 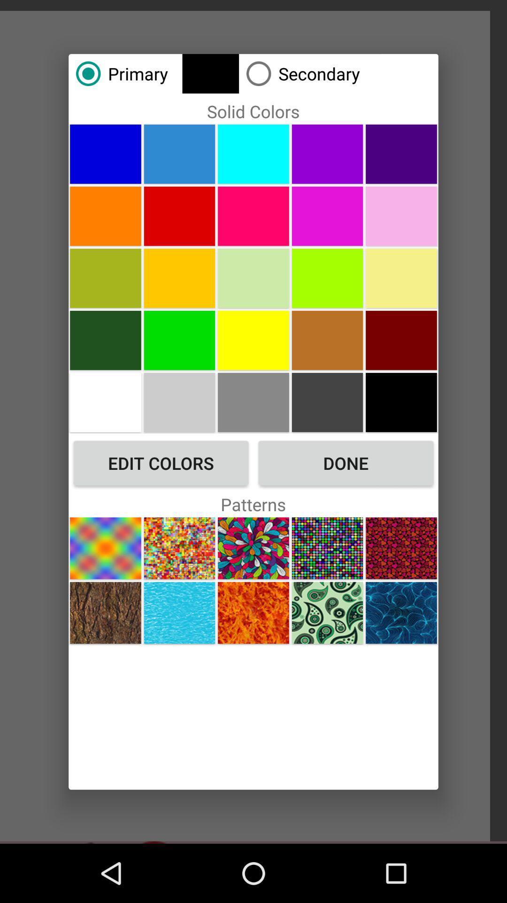 What do you see at coordinates (253, 154) in the screenshot?
I see `icon below the solid colors` at bounding box center [253, 154].